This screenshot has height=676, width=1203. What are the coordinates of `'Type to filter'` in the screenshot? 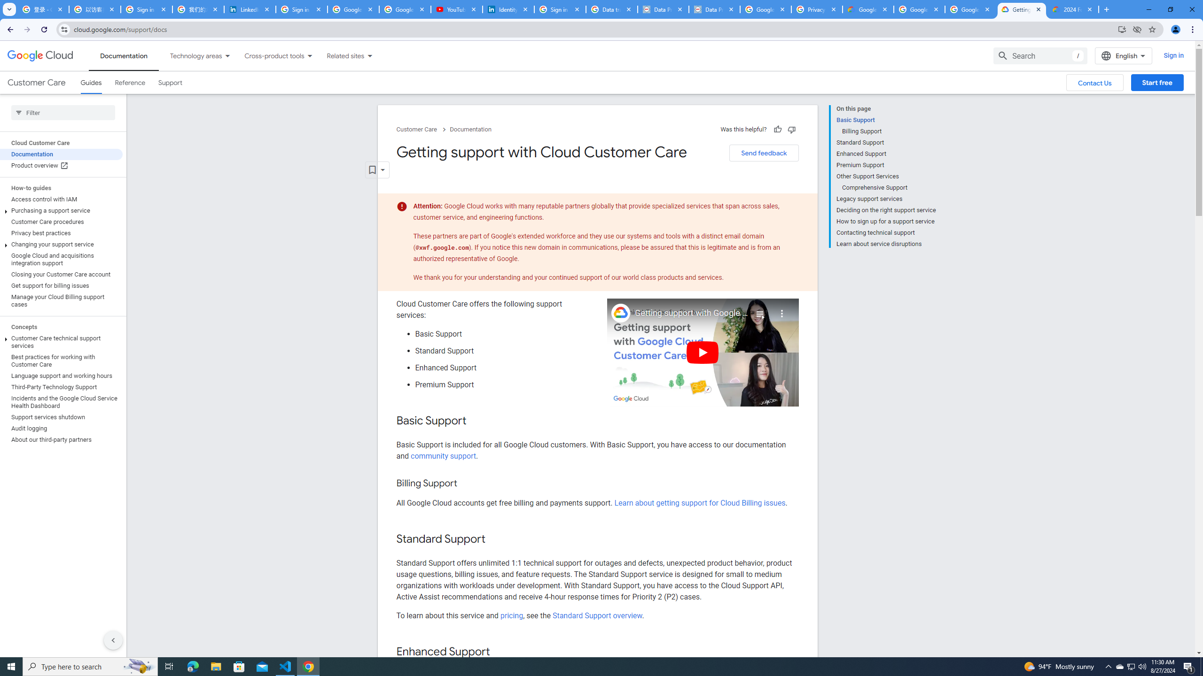 It's located at (63, 113).